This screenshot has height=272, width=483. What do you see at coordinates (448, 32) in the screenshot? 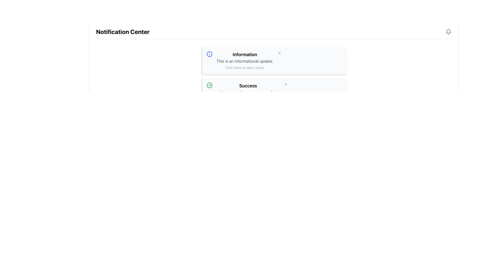
I see `the bell-shaped notification icon located in the top-right corner of the header section labeled 'Notification Center'` at bounding box center [448, 32].